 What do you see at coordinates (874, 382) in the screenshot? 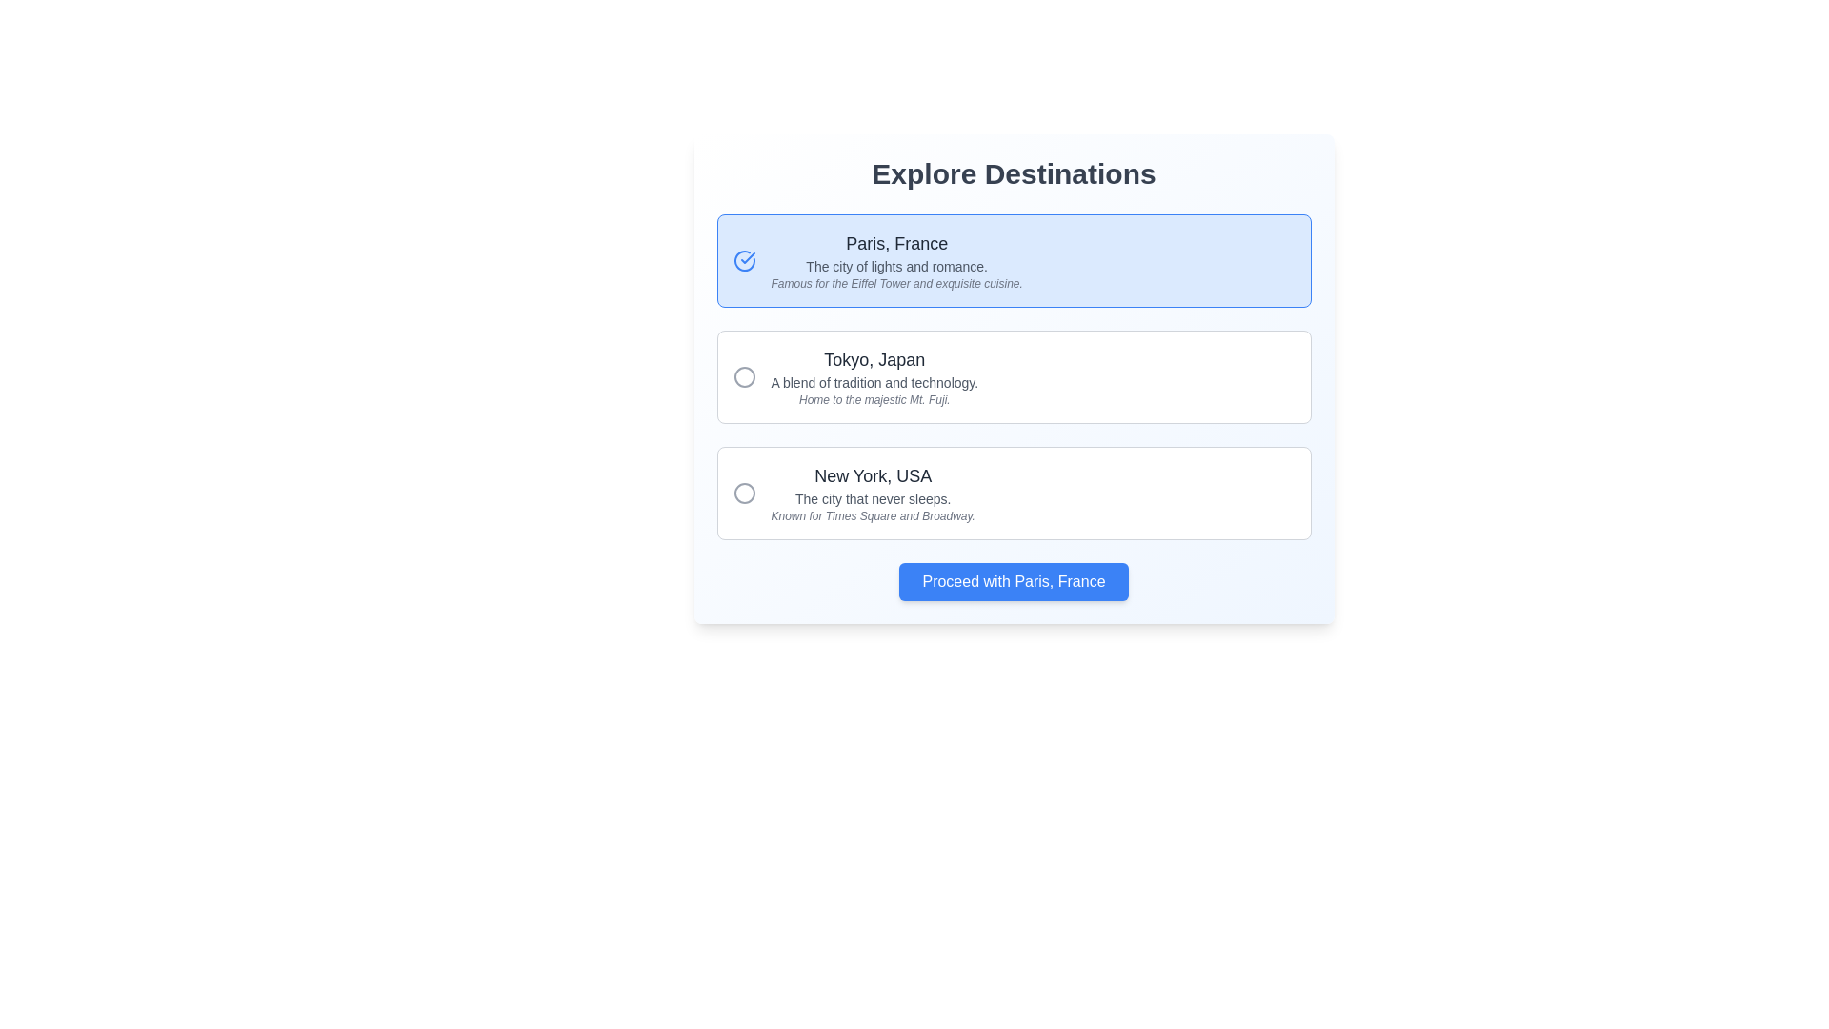
I see `the text label that contains the phrase 'A blend of tradition and technology.' which is styled in gray and located below the 'Tokyo, Japan' title in the second option box of the destination selections` at bounding box center [874, 382].